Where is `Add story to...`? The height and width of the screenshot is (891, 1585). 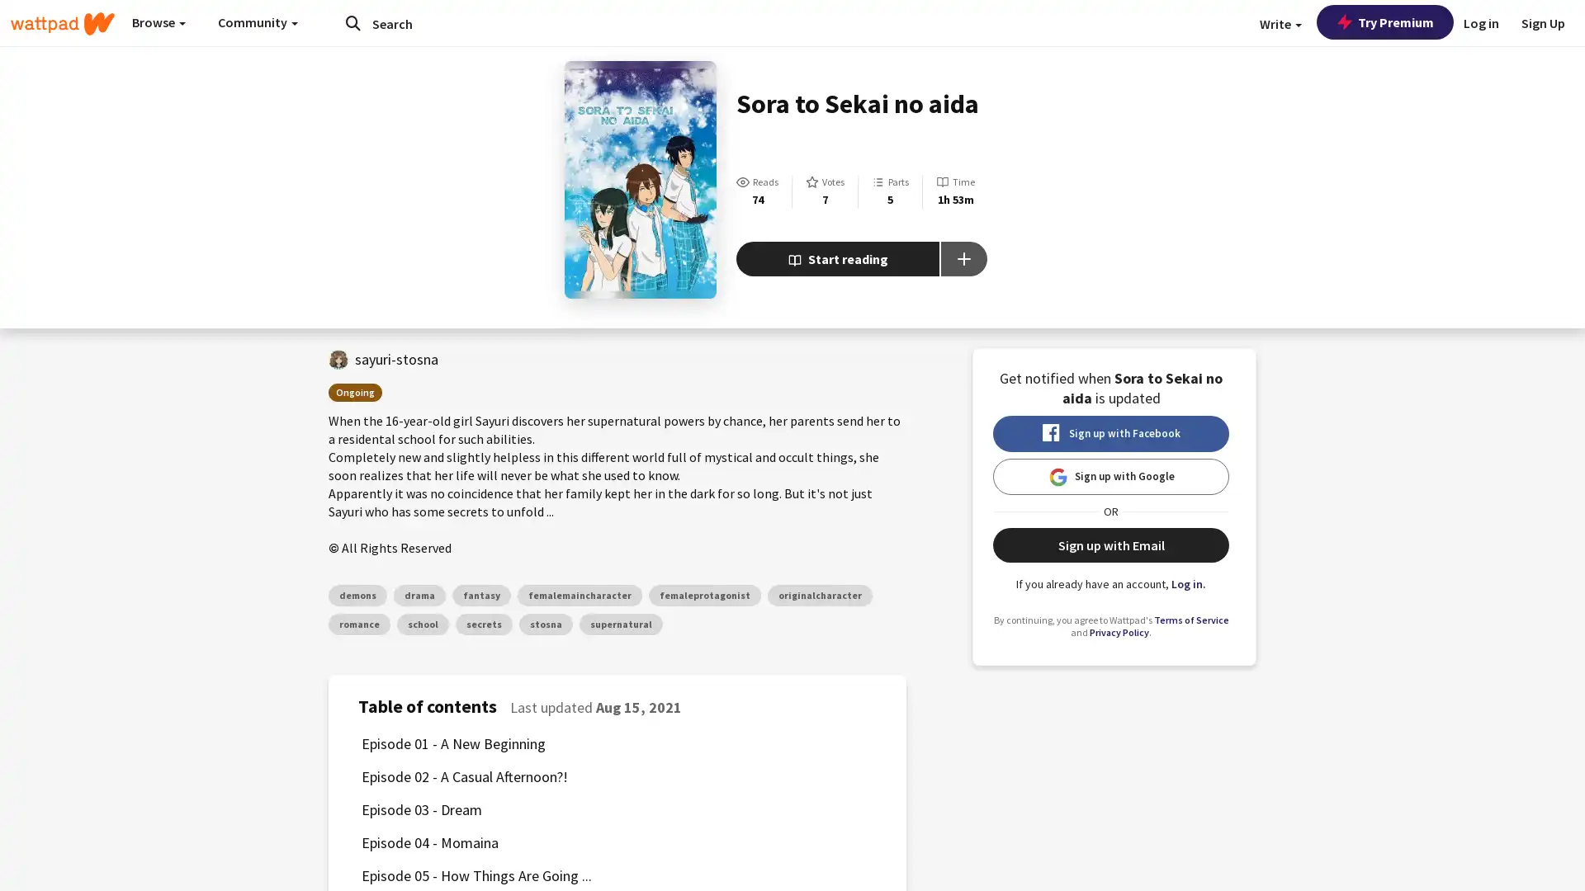
Add story to... is located at coordinates (963, 258).